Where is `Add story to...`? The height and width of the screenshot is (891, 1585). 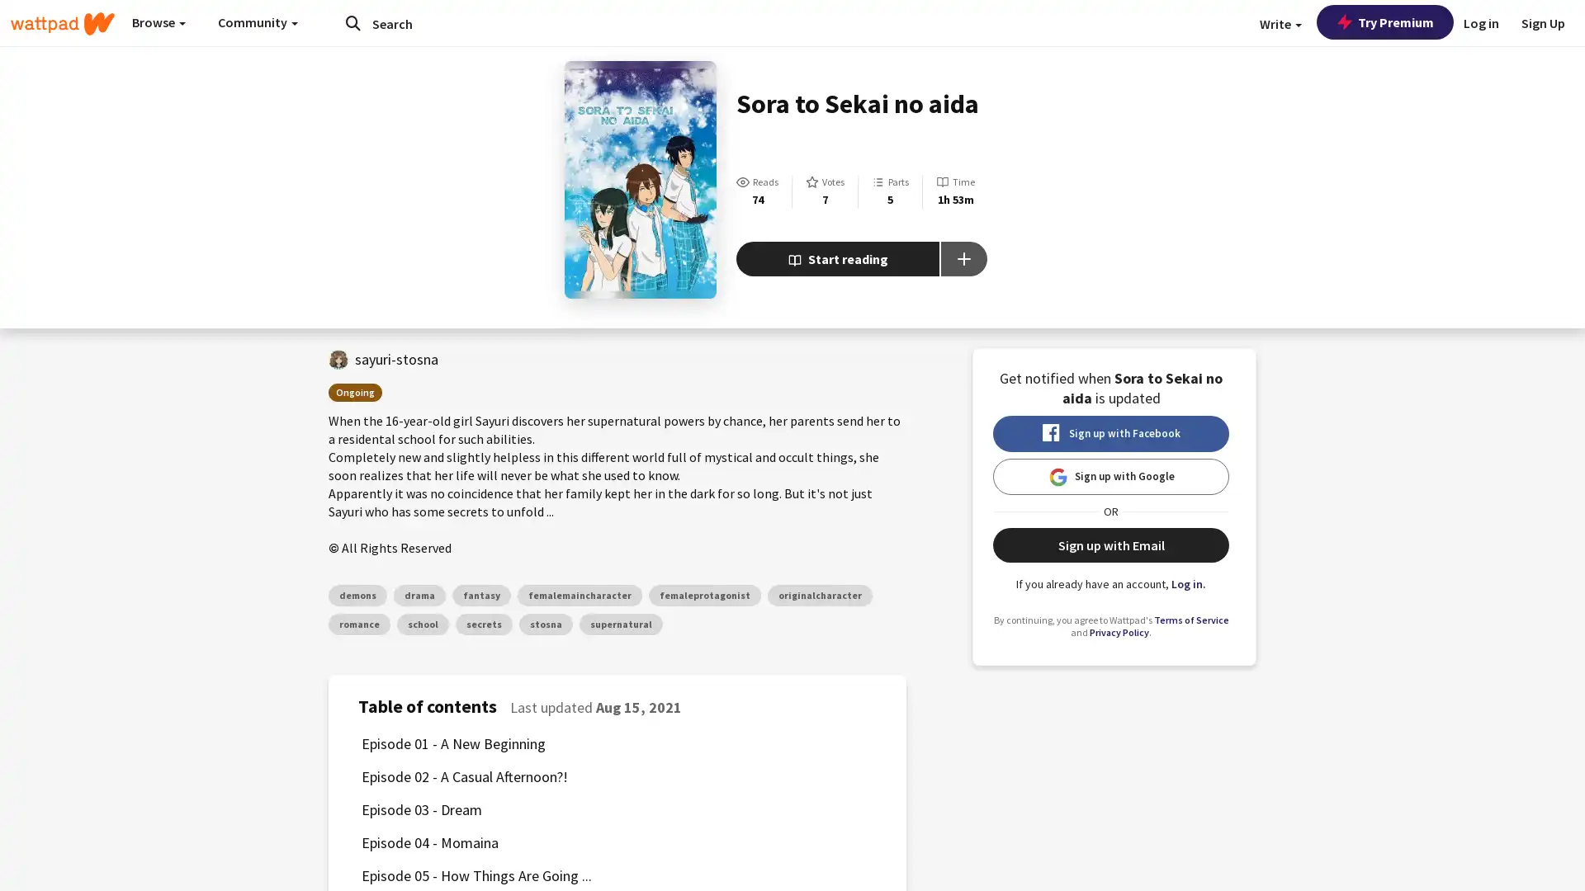
Add story to... is located at coordinates (963, 258).